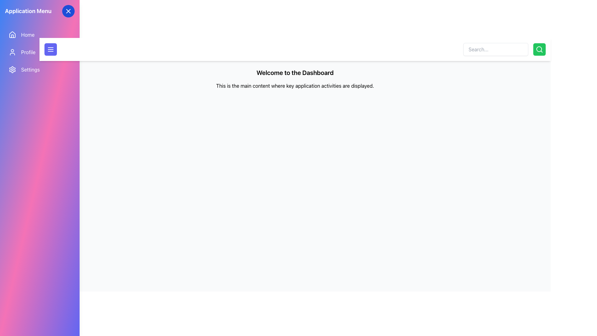  What do you see at coordinates (12, 35) in the screenshot?
I see `the 'Home' menu item` at bounding box center [12, 35].